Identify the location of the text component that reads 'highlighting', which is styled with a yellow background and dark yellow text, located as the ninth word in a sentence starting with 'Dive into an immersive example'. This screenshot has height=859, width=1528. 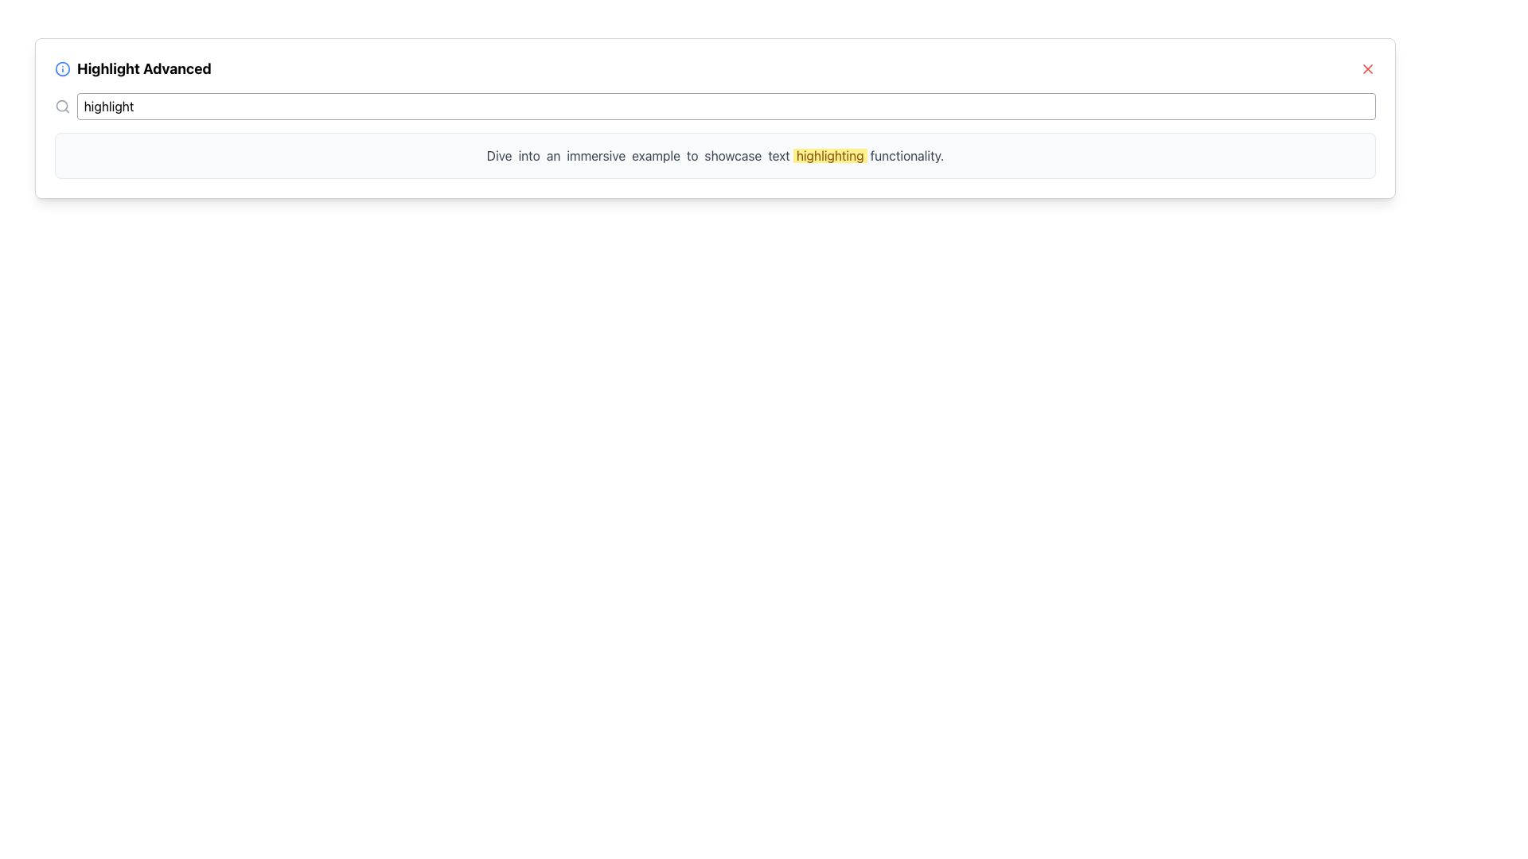
(829, 156).